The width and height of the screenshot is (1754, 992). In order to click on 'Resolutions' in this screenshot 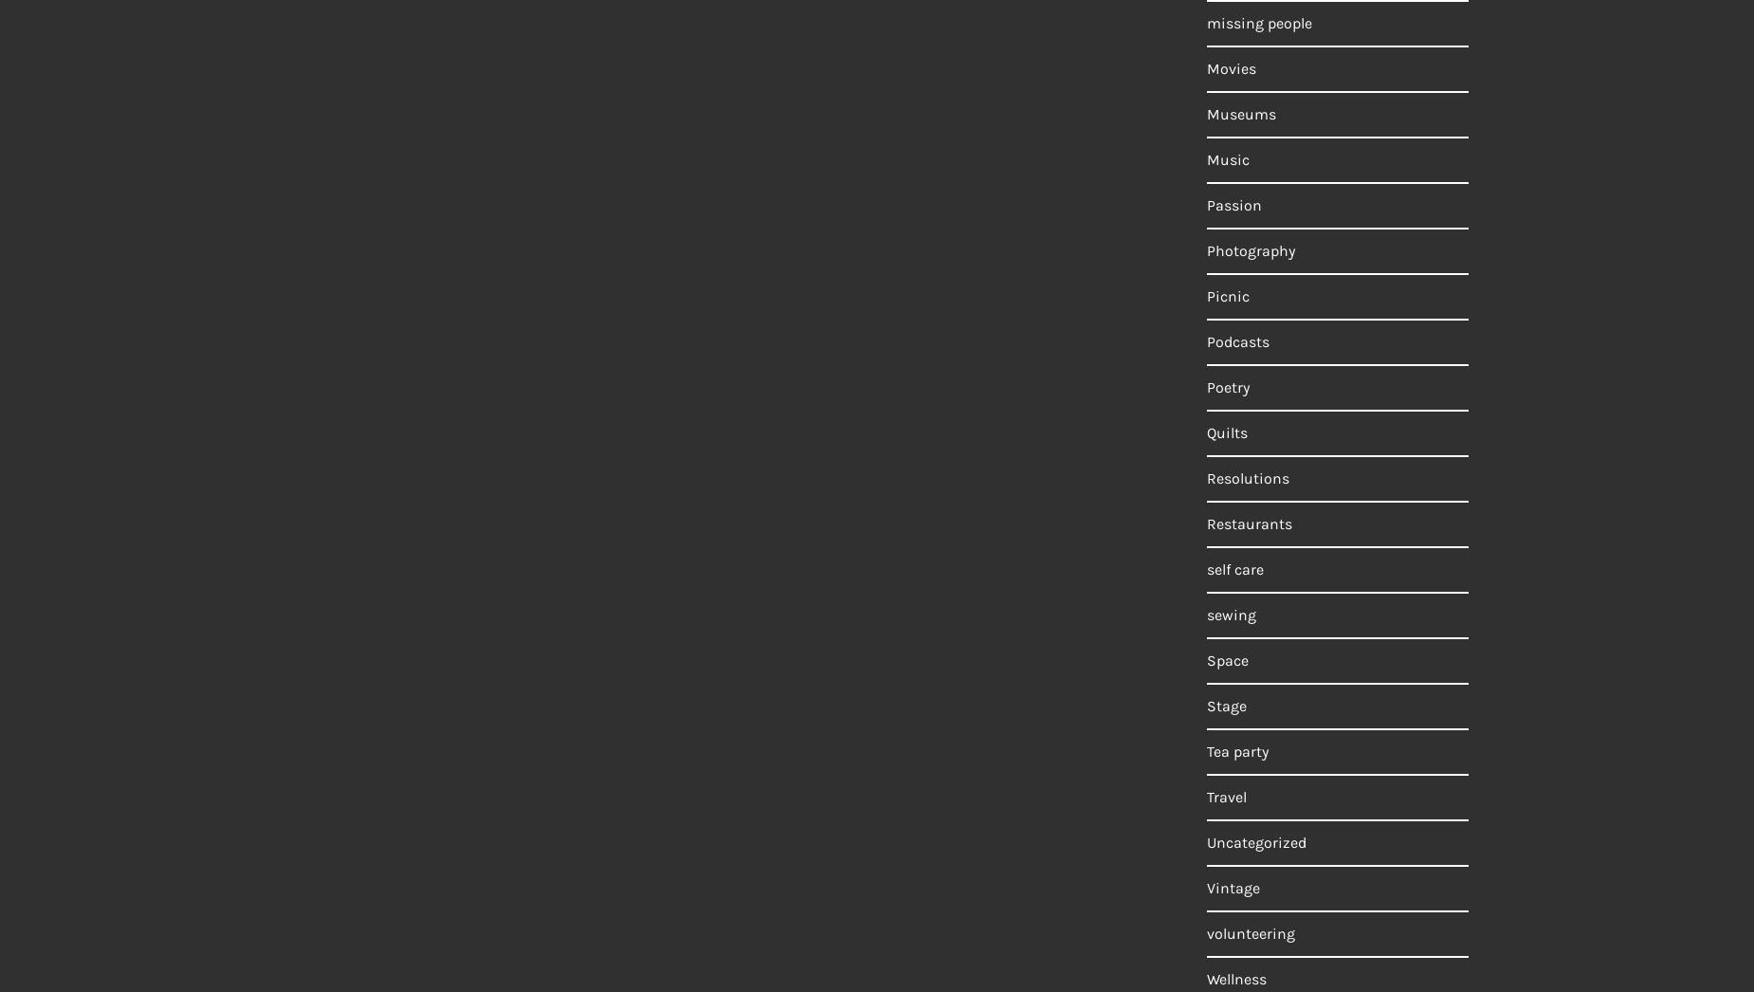, I will do `click(1205, 478)`.